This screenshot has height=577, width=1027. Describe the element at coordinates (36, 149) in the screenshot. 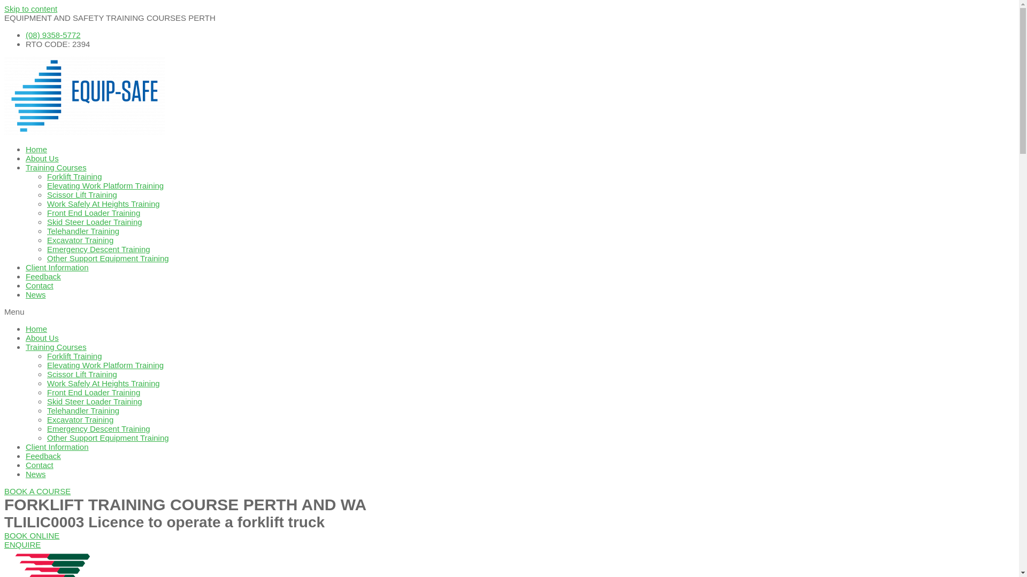

I see `'Home'` at that location.